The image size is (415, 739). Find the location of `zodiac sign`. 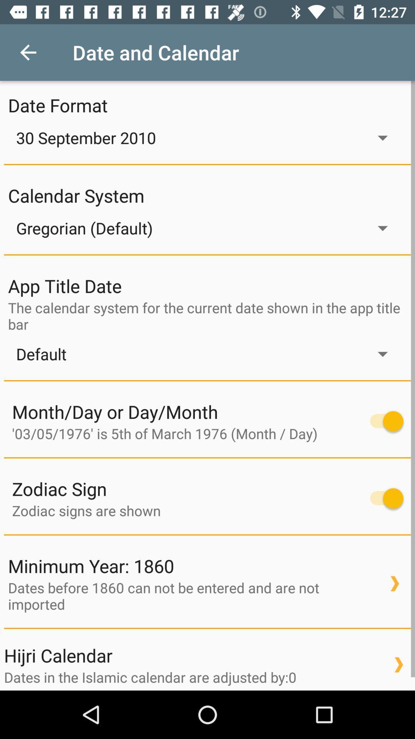

zodiac sign is located at coordinates (383, 498).